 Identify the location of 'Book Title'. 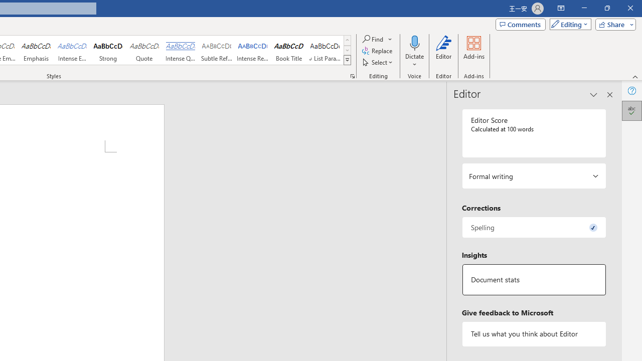
(288, 50).